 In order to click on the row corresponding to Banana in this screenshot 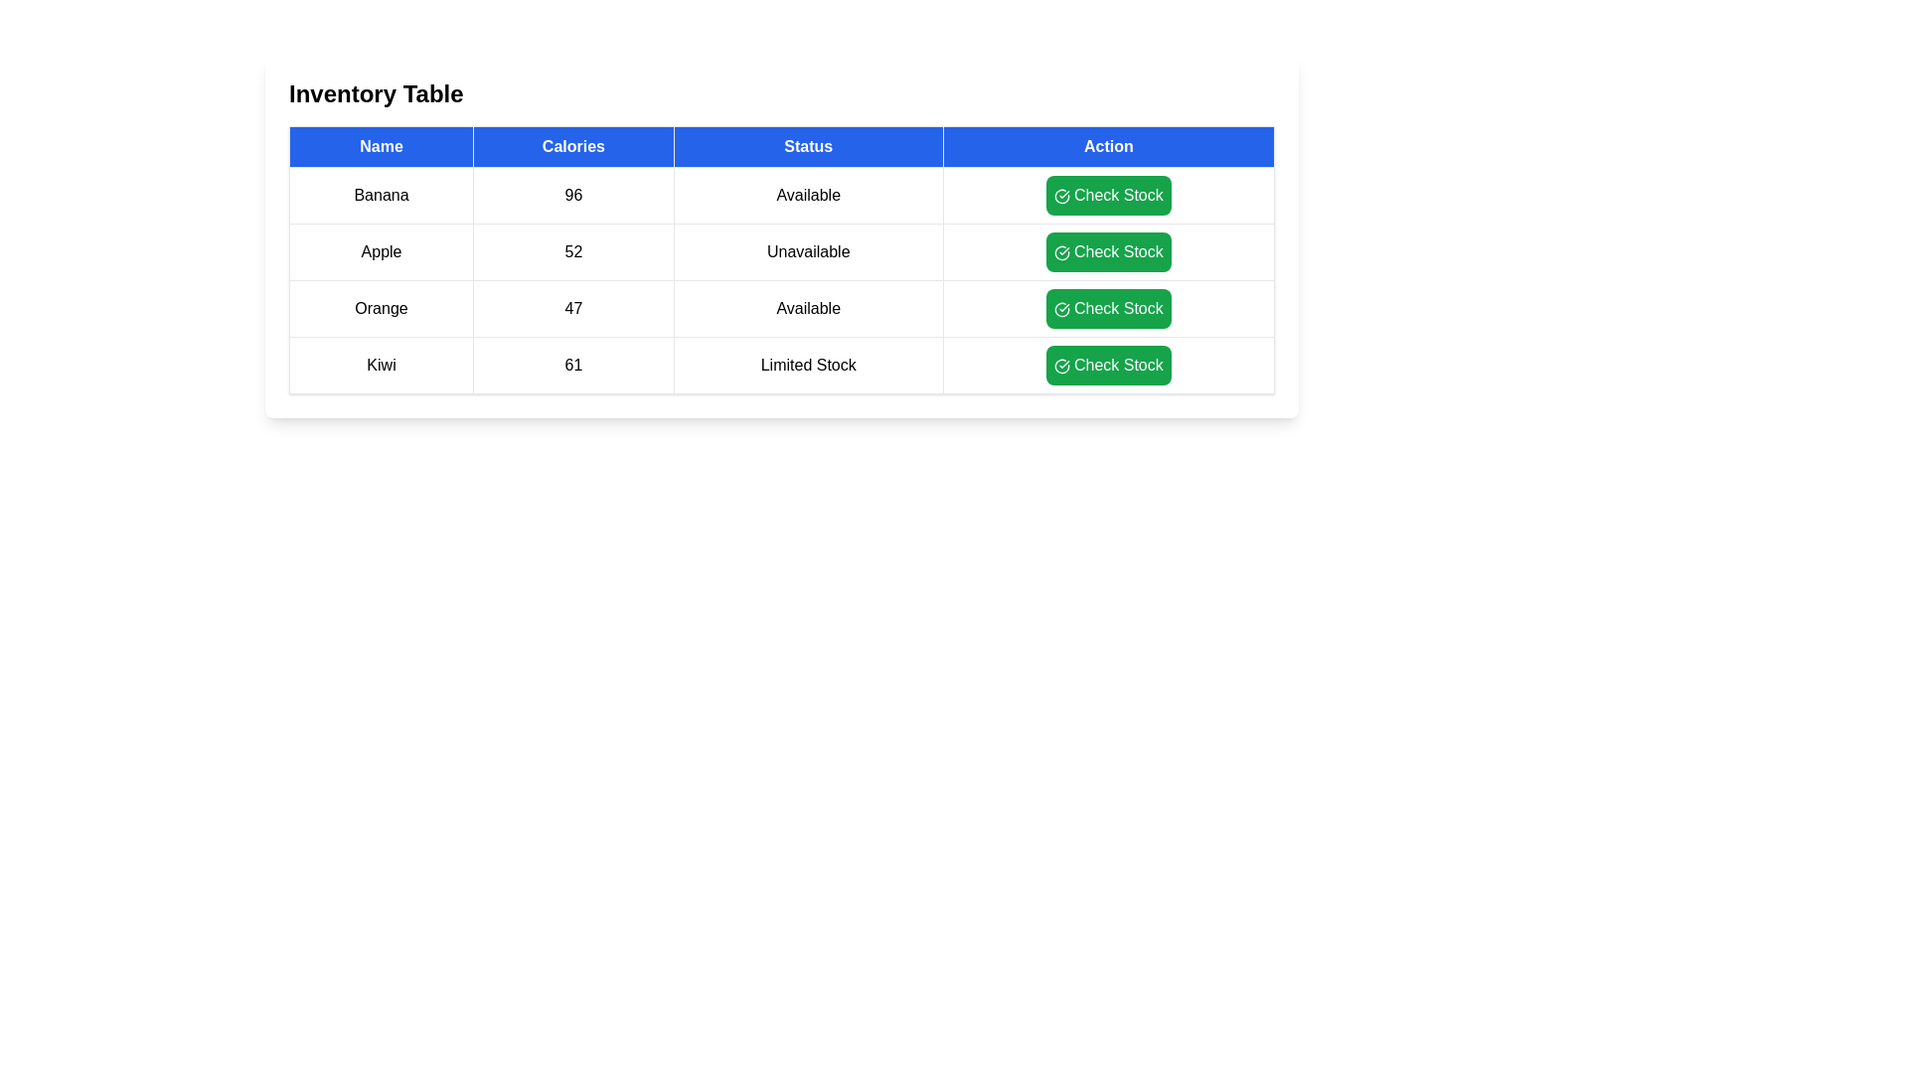, I will do `click(781, 195)`.